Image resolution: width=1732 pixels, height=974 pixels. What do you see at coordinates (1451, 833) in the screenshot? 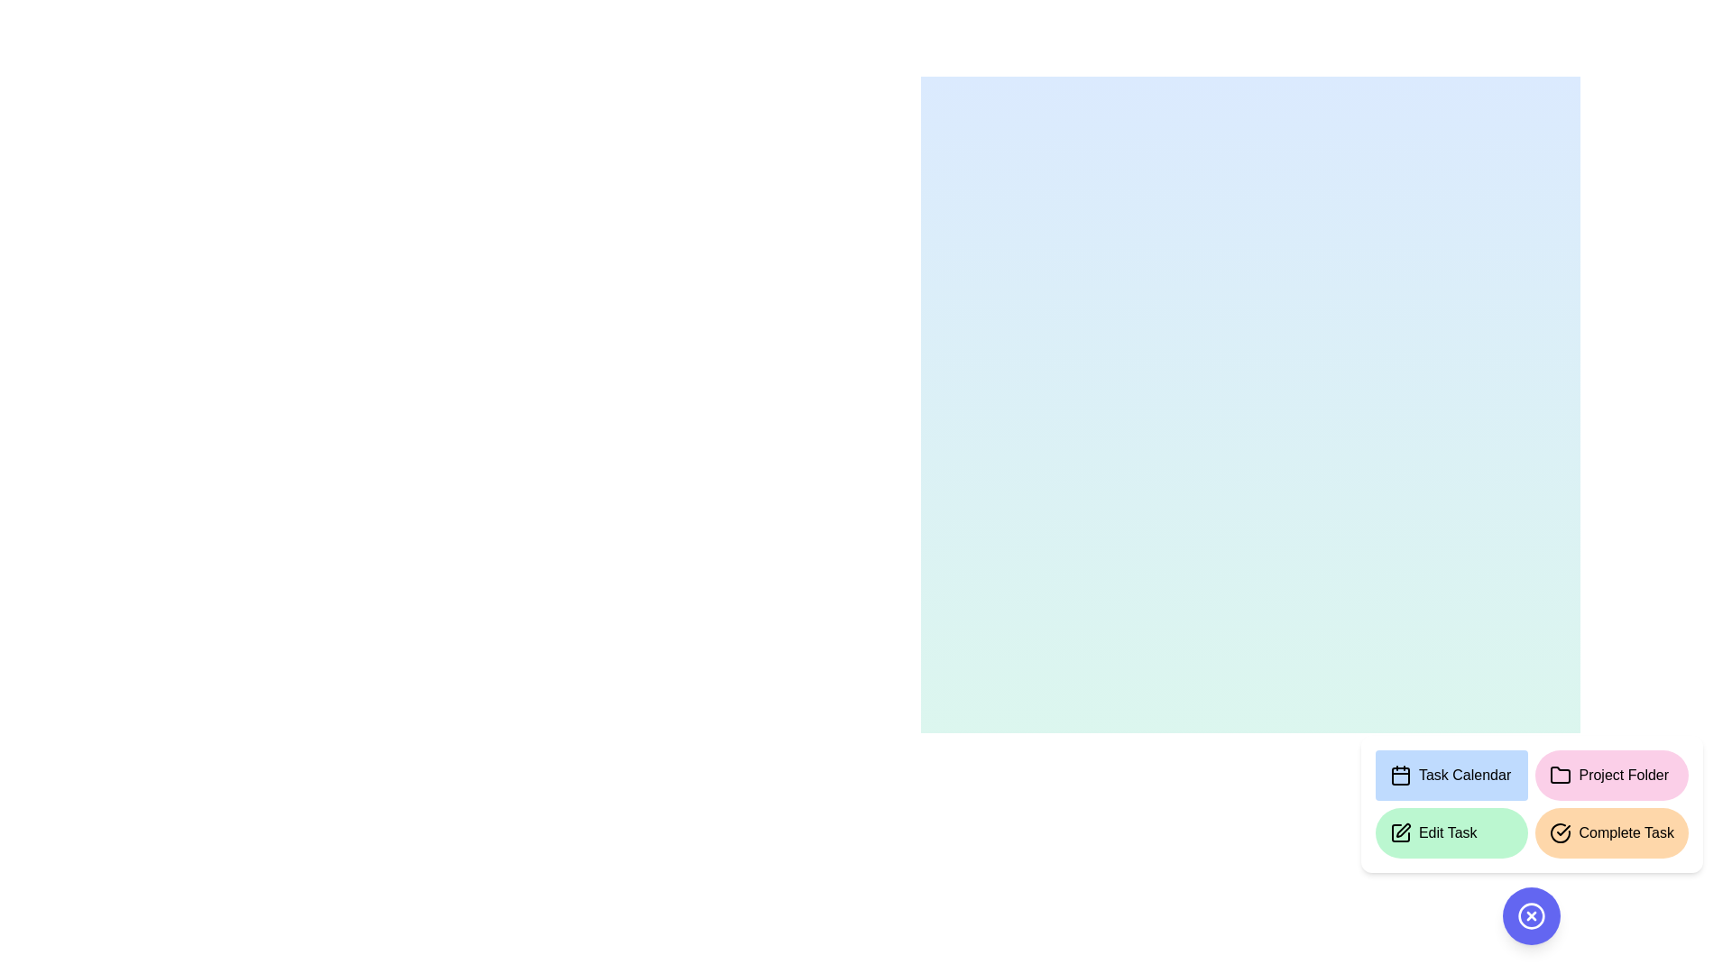
I see `the edit task button located in the bottom-left quadrant of the interface, below the 'Task Calendar' and to the left of the 'Complete Task' button, to enable keyboard interactions` at bounding box center [1451, 833].